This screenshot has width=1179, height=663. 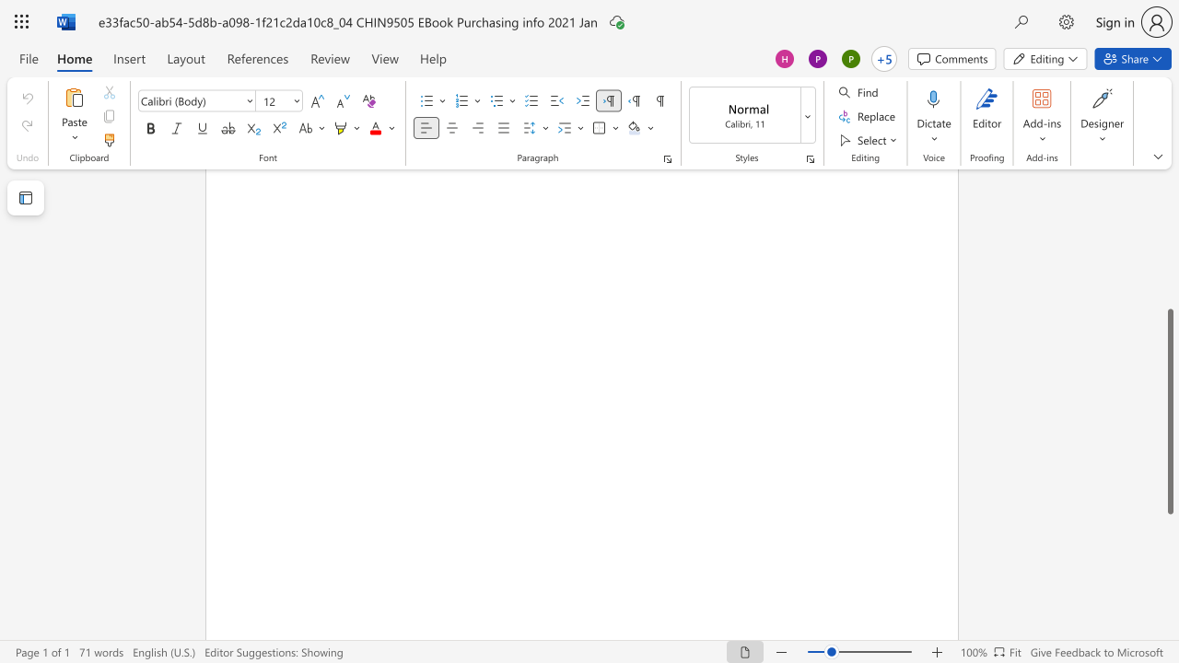 I want to click on the scrollbar and move down 190 pixels, so click(x=1169, y=411).